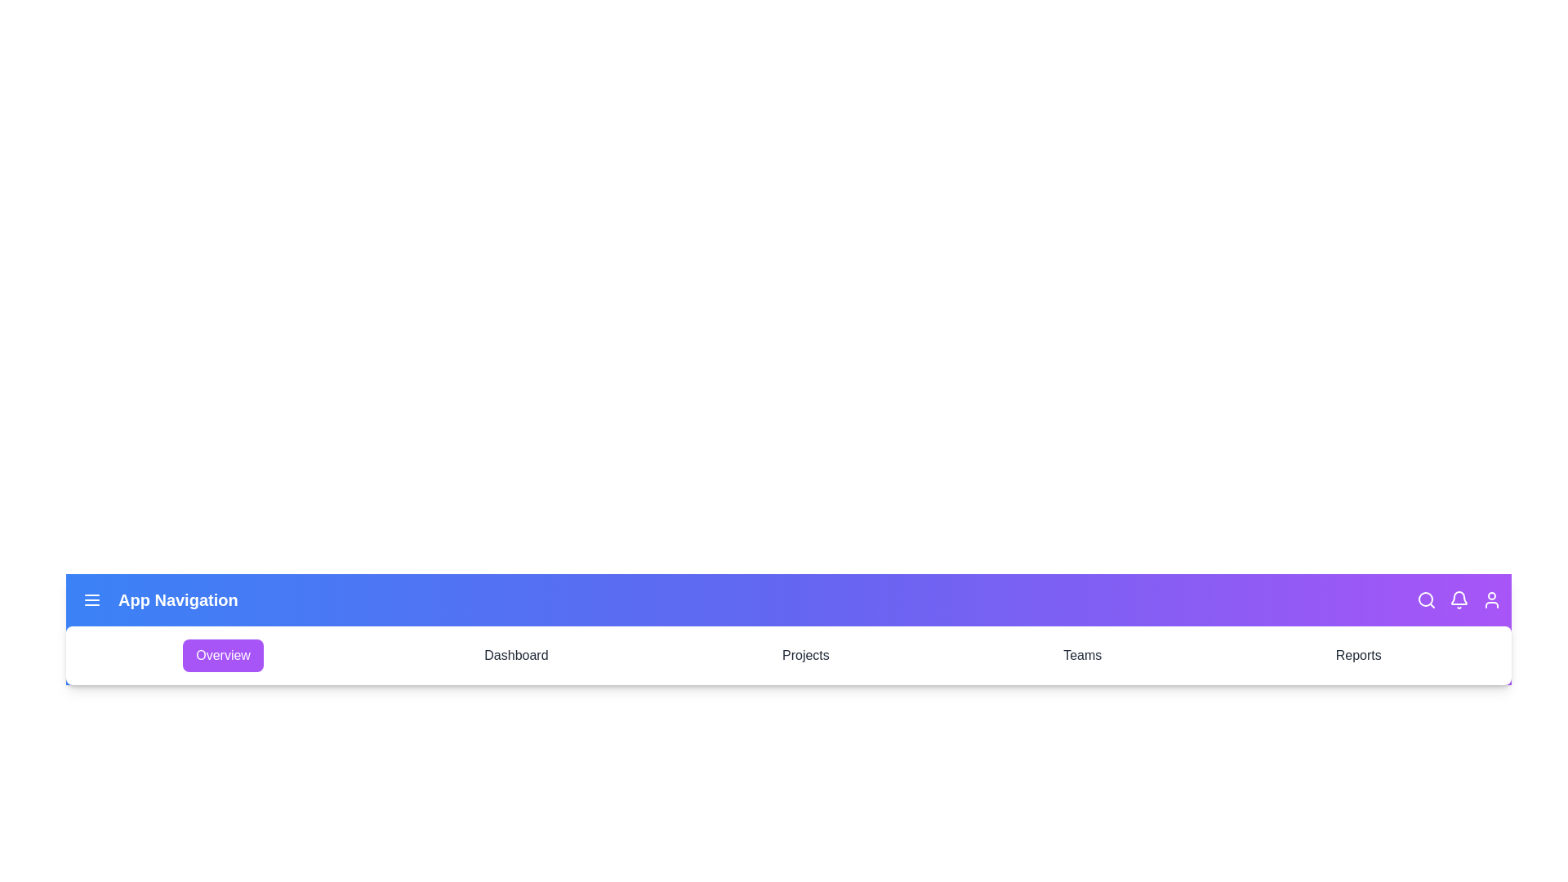 The height and width of the screenshot is (882, 1568). What do you see at coordinates (1459, 600) in the screenshot?
I see `the bell icon in the navigation bar` at bounding box center [1459, 600].